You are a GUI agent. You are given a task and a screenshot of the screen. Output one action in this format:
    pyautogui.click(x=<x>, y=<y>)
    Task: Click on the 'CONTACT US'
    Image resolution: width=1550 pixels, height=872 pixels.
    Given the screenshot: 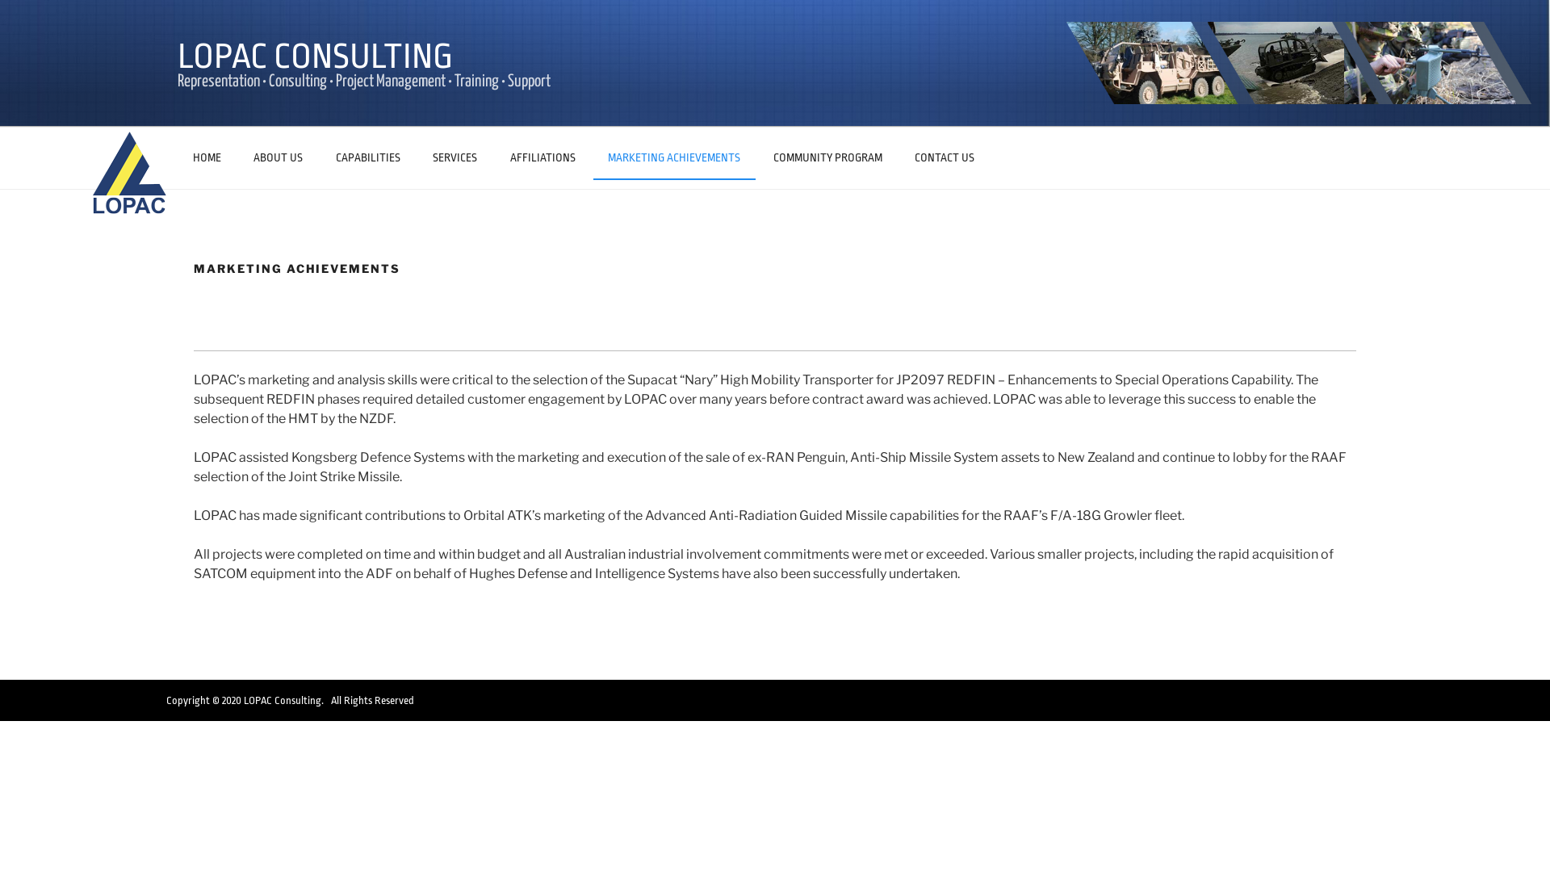 What is the action you would take?
    pyautogui.click(x=898, y=157)
    